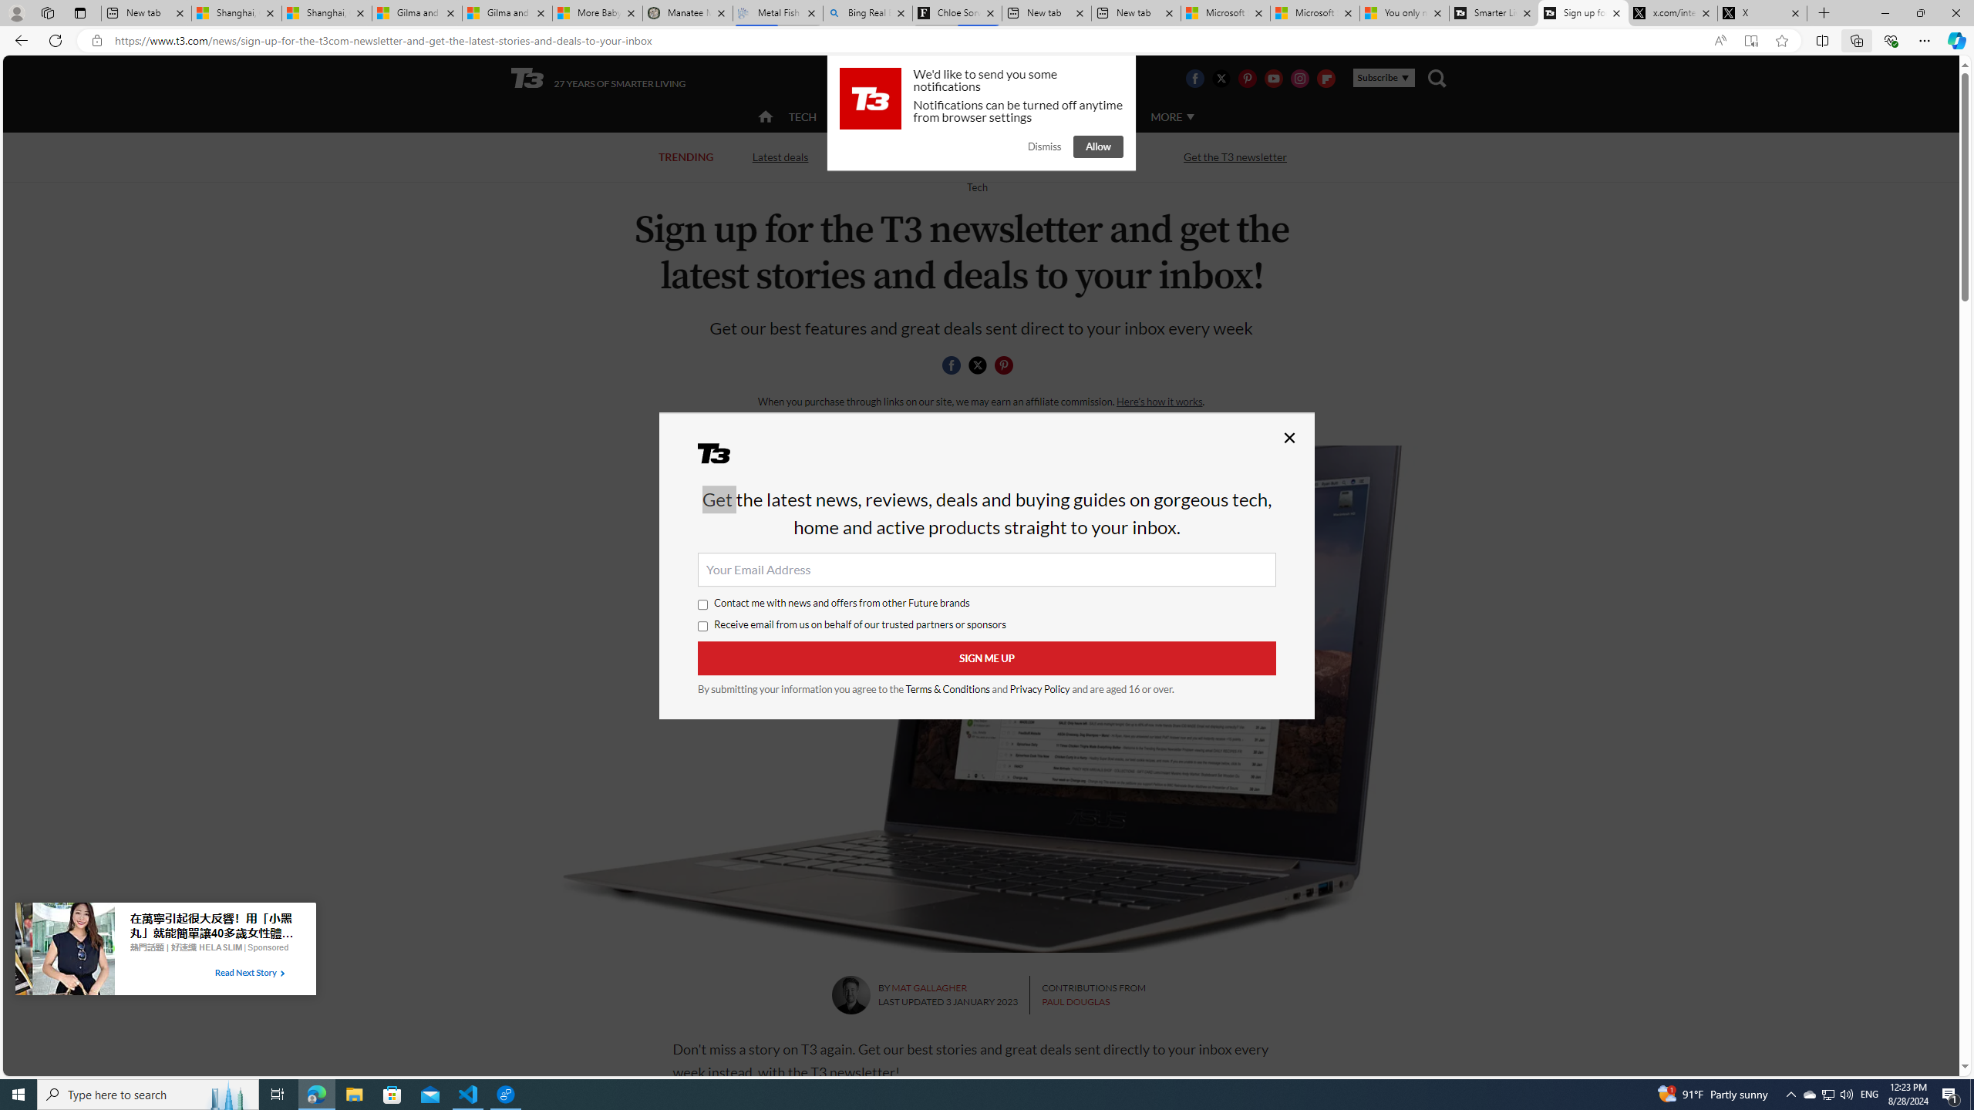  I want to click on 'Contact me with news and offers from other Future brands', so click(703, 604).